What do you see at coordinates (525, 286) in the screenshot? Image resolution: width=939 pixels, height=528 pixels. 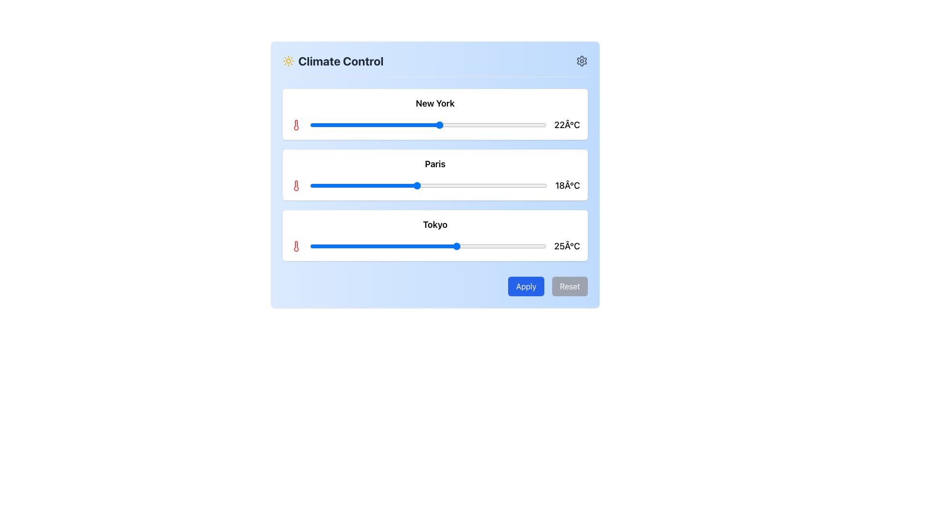 I see `the 'Apply' button located in the lower-right corner of the 'Climate Control' card` at bounding box center [525, 286].